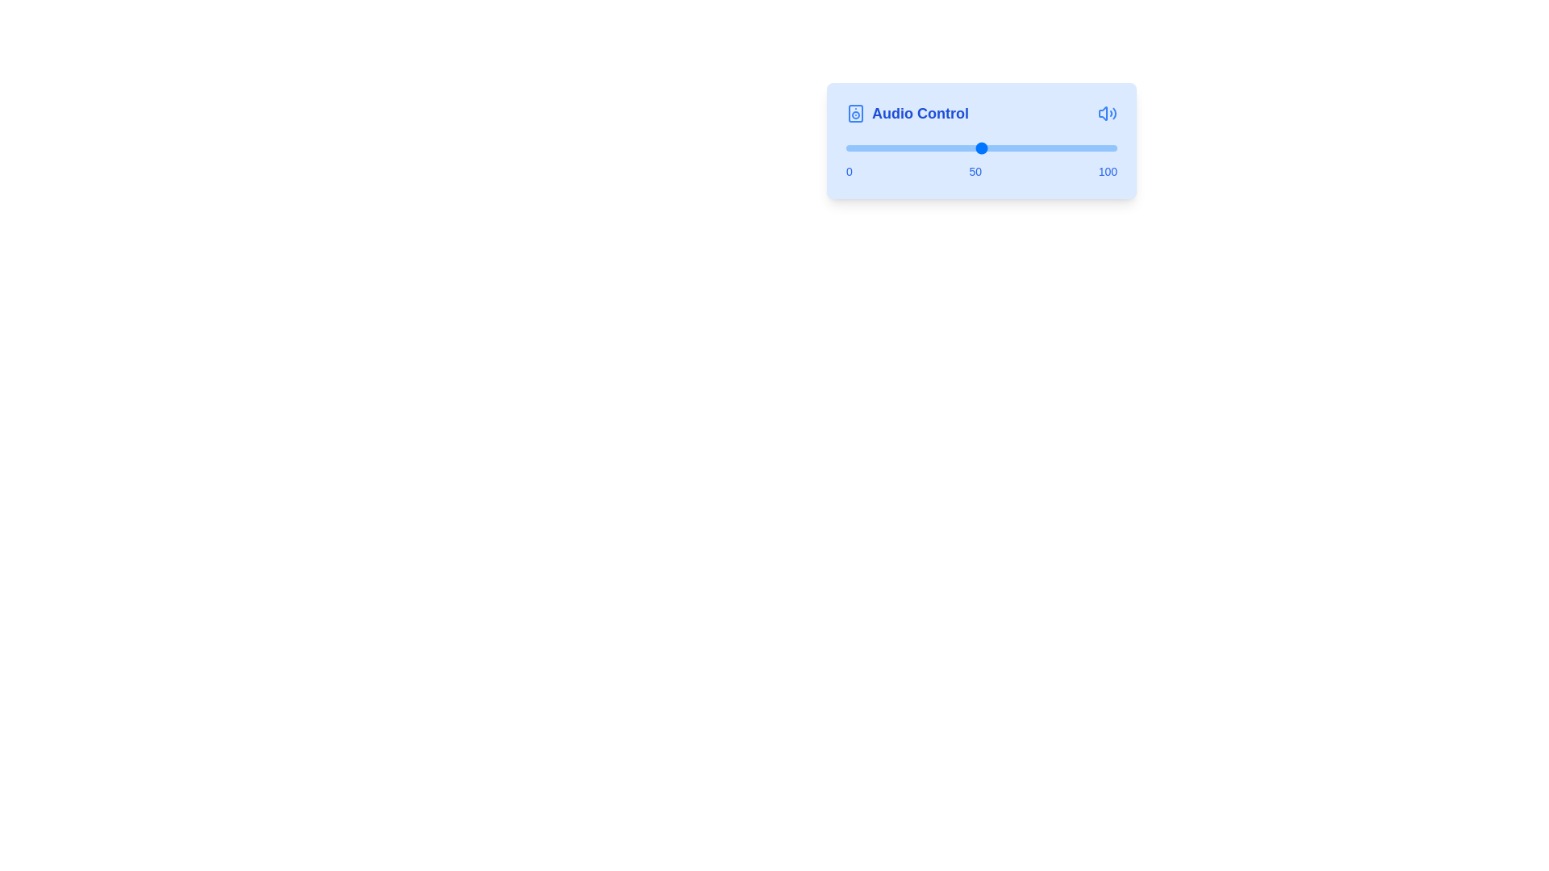  I want to click on the volume, so click(1016, 148).